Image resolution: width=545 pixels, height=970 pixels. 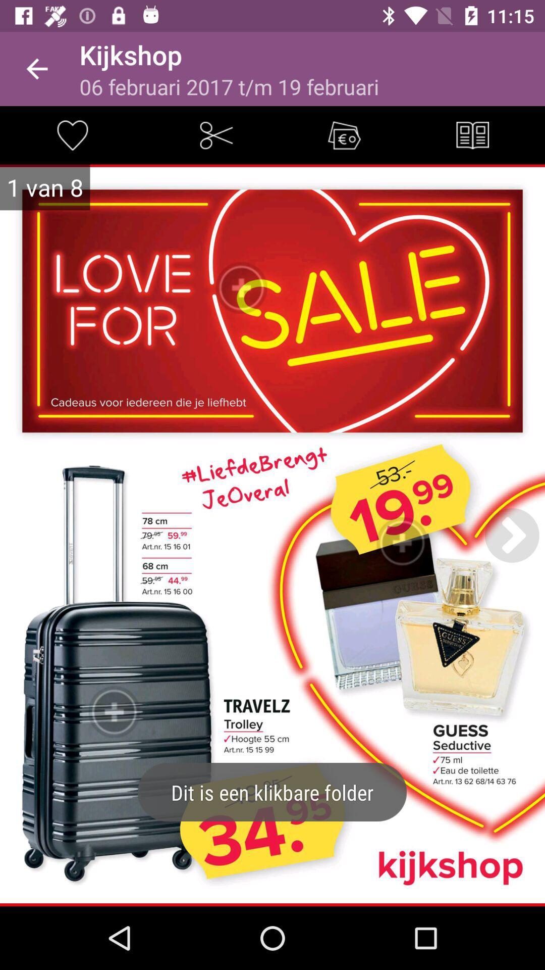 I want to click on the app to the right of the 06 februari 2017, so click(x=472, y=134).